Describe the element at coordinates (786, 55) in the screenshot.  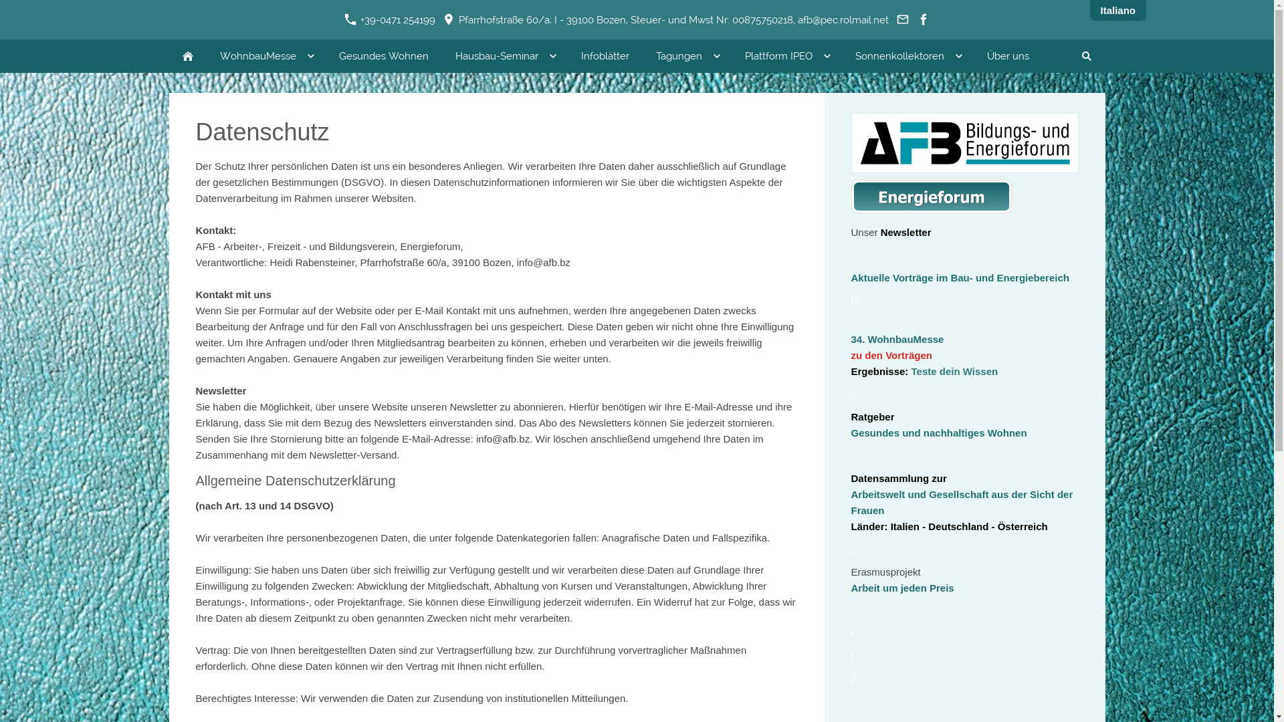
I see `'Plattform IPEO'` at that location.